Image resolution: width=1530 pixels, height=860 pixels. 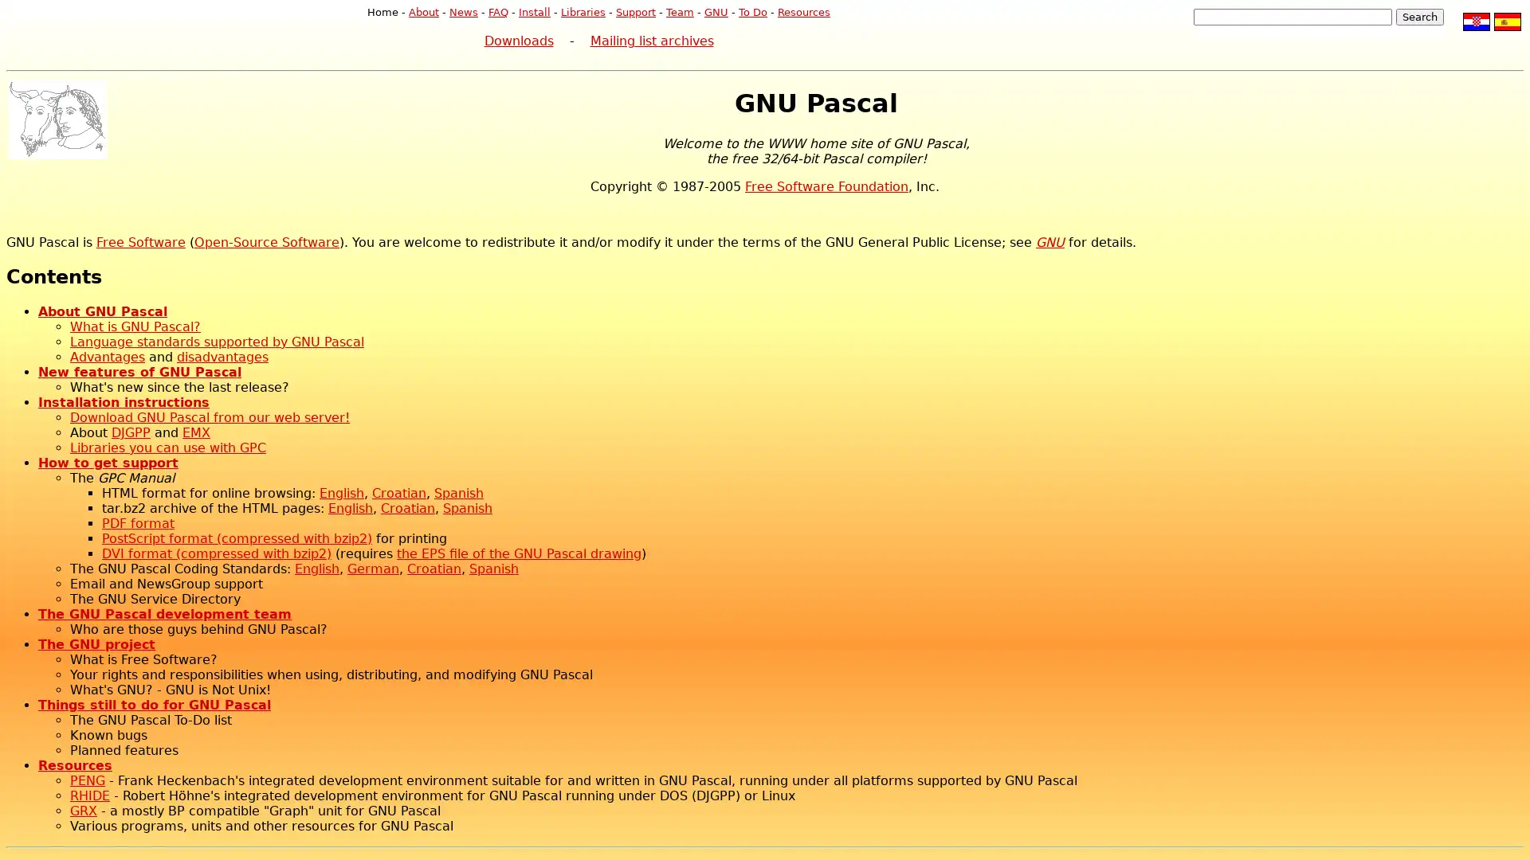 What do you see at coordinates (1419, 17) in the screenshot?
I see `Search` at bounding box center [1419, 17].